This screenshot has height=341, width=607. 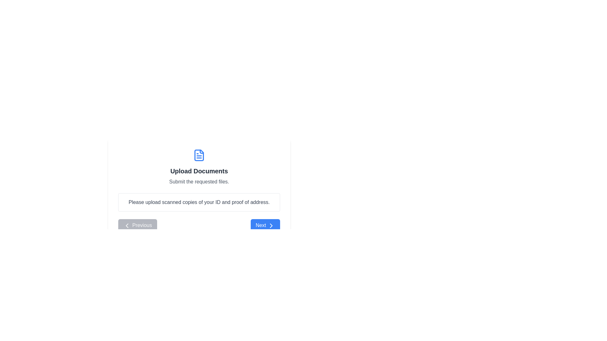 I want to click on the 'Previous' button to navigate to the previous step, so click(x=137, y=225).